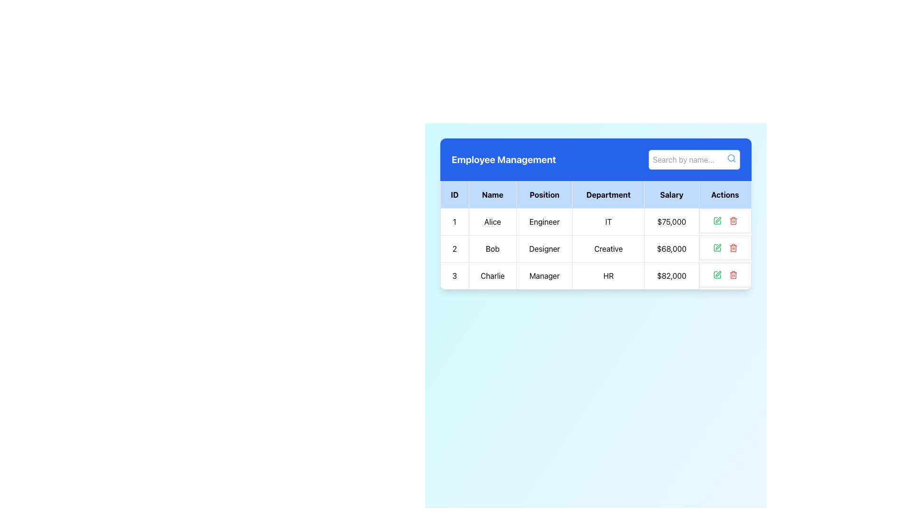 This screenshot has height=512, width=911. I want to click on the red trash can icon button in the 'Actions' column for the 'Charlie' entry, so click(733, 274).